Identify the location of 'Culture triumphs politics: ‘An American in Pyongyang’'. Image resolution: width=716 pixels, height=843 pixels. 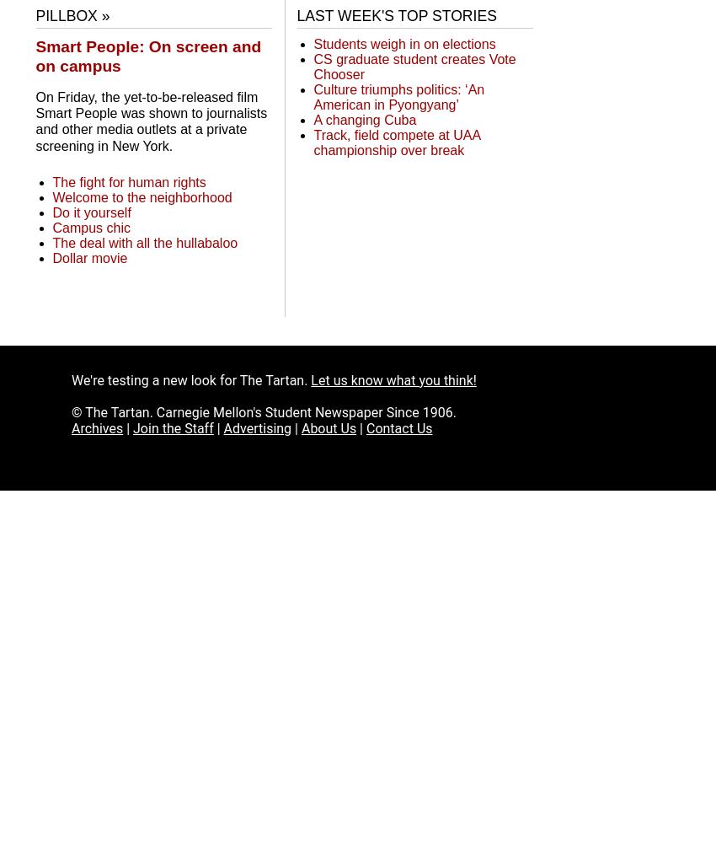
(398, 96).